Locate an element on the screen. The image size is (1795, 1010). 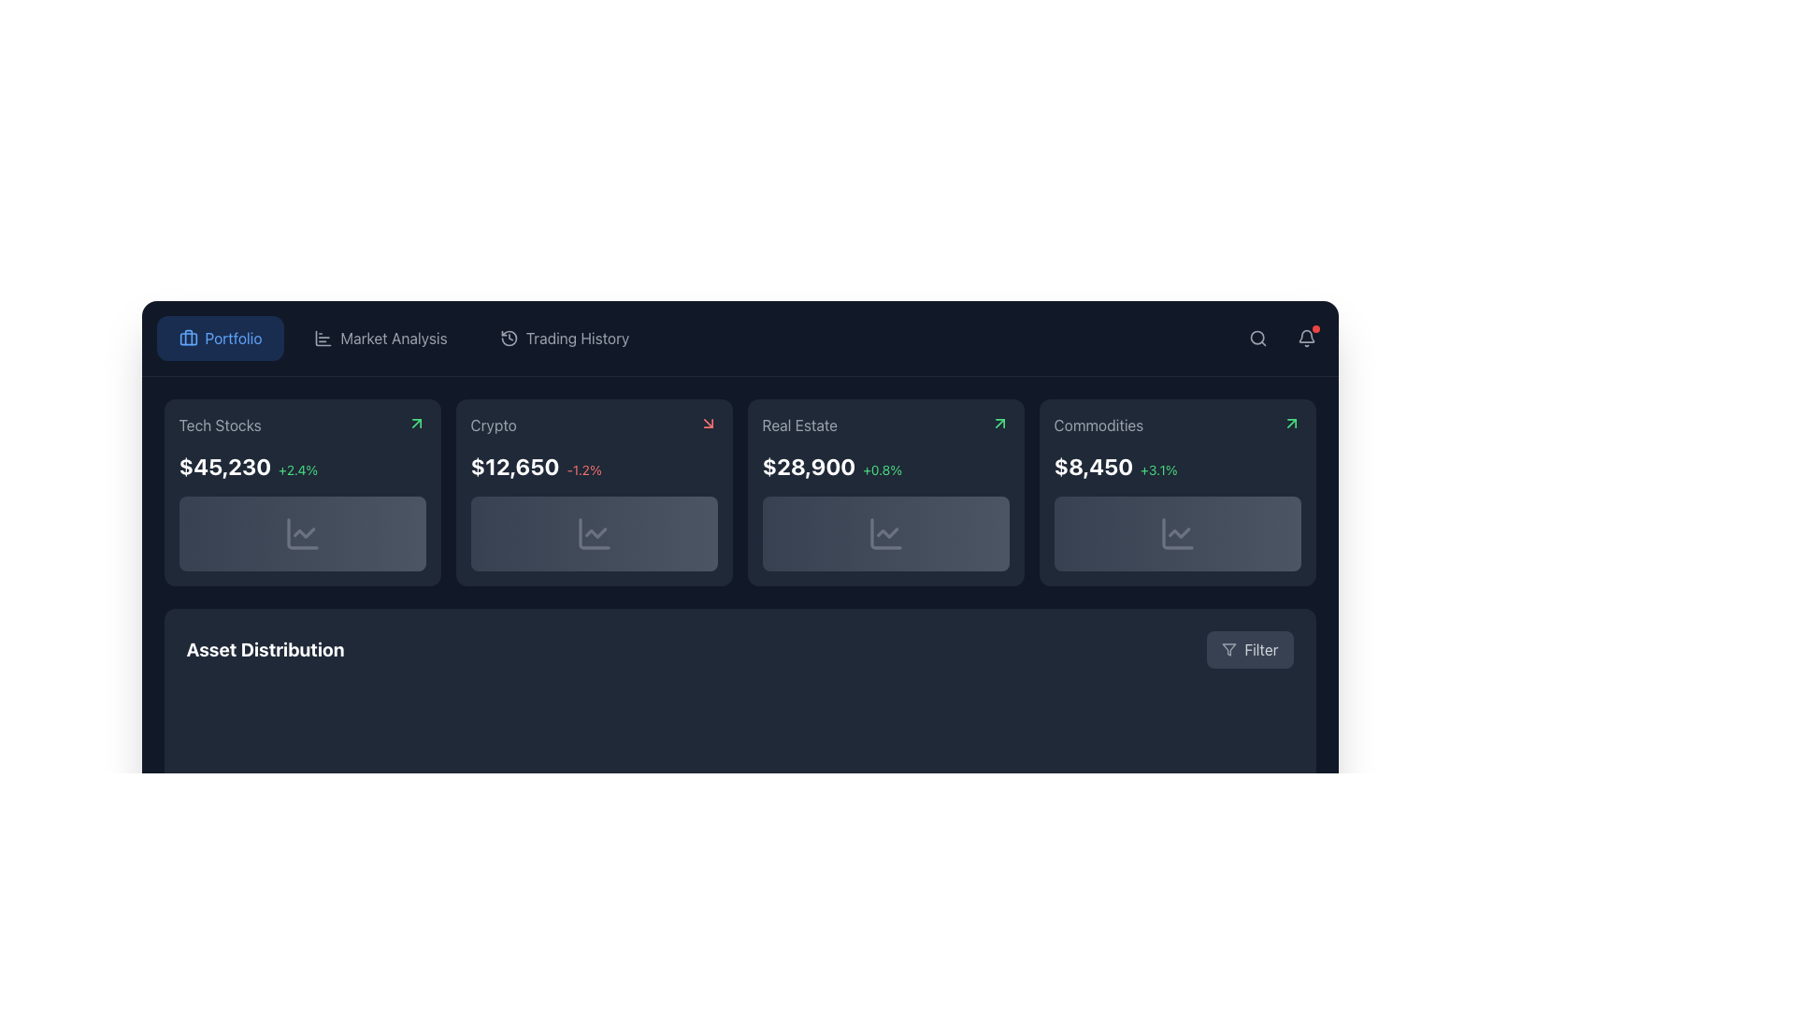
the visual representation of the 'filter' icon located in the bottom-right corner of the interface, centralized within the 'Filter' button is located at coordinates (1229, 648).